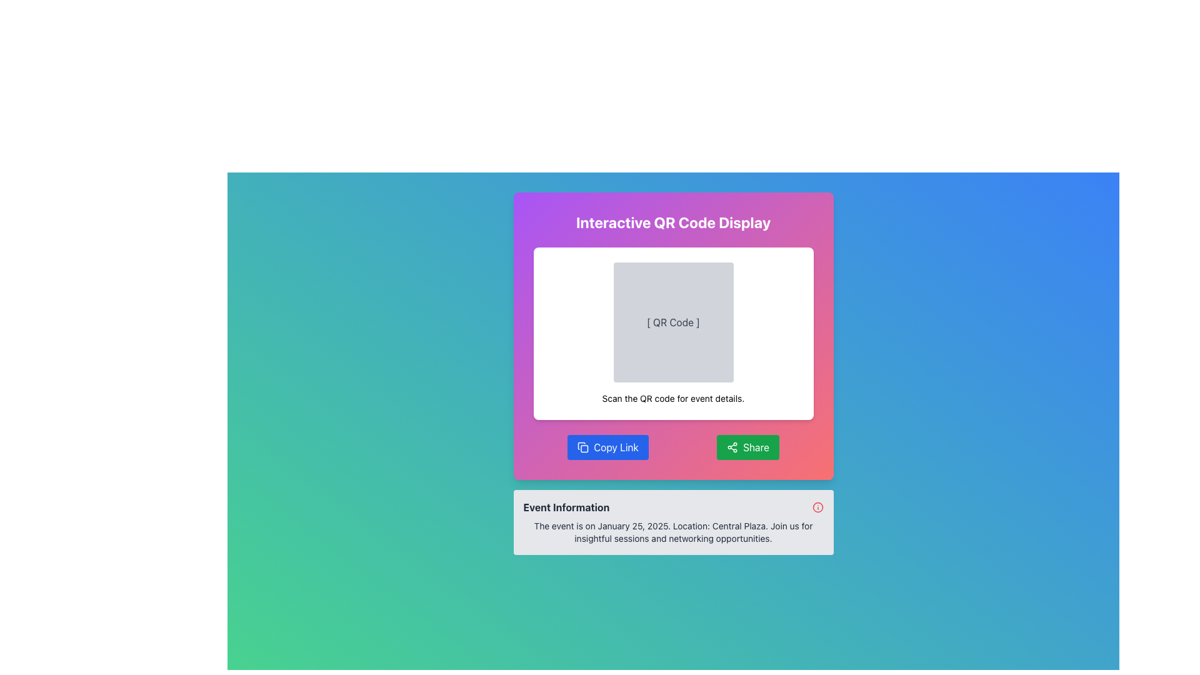 Image resolution: width=1200 pixels, height=675 pixels. What do you see at coordinates (732, 447) in the screenshot?
I see `the green 'Share' button that contains the icon resembling a connected network of points, which is positioned to the left of the button's text label` at bounding box center [732, 447].